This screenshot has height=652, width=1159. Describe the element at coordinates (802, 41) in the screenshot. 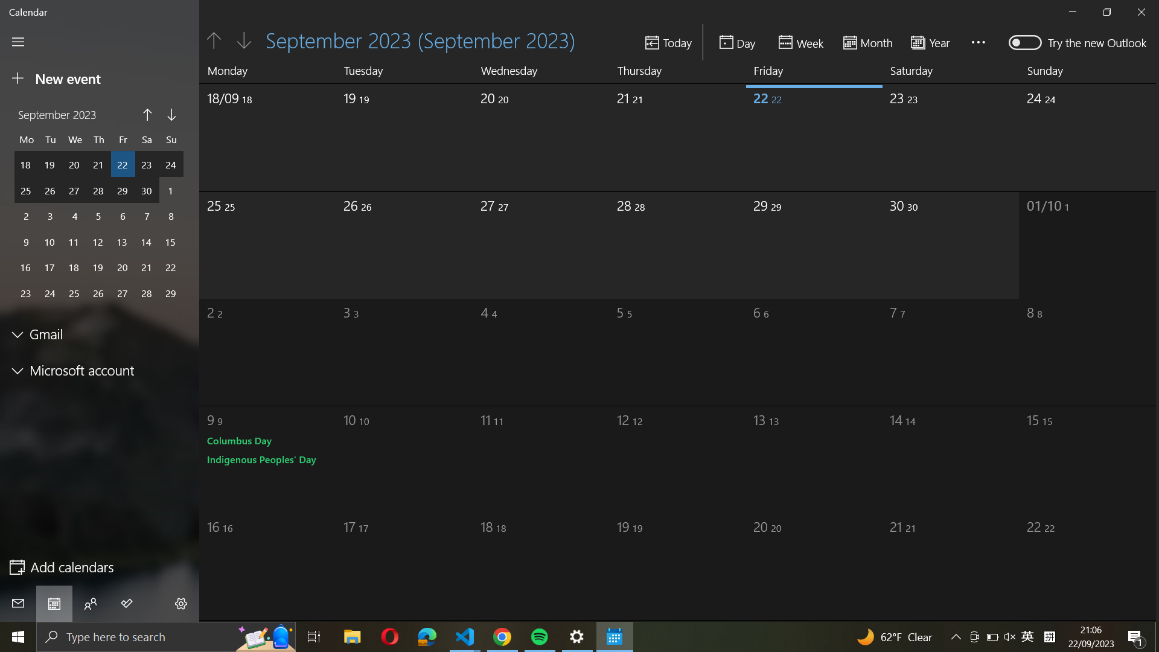

I see `Change calendar view to "Week" mode` at that location.